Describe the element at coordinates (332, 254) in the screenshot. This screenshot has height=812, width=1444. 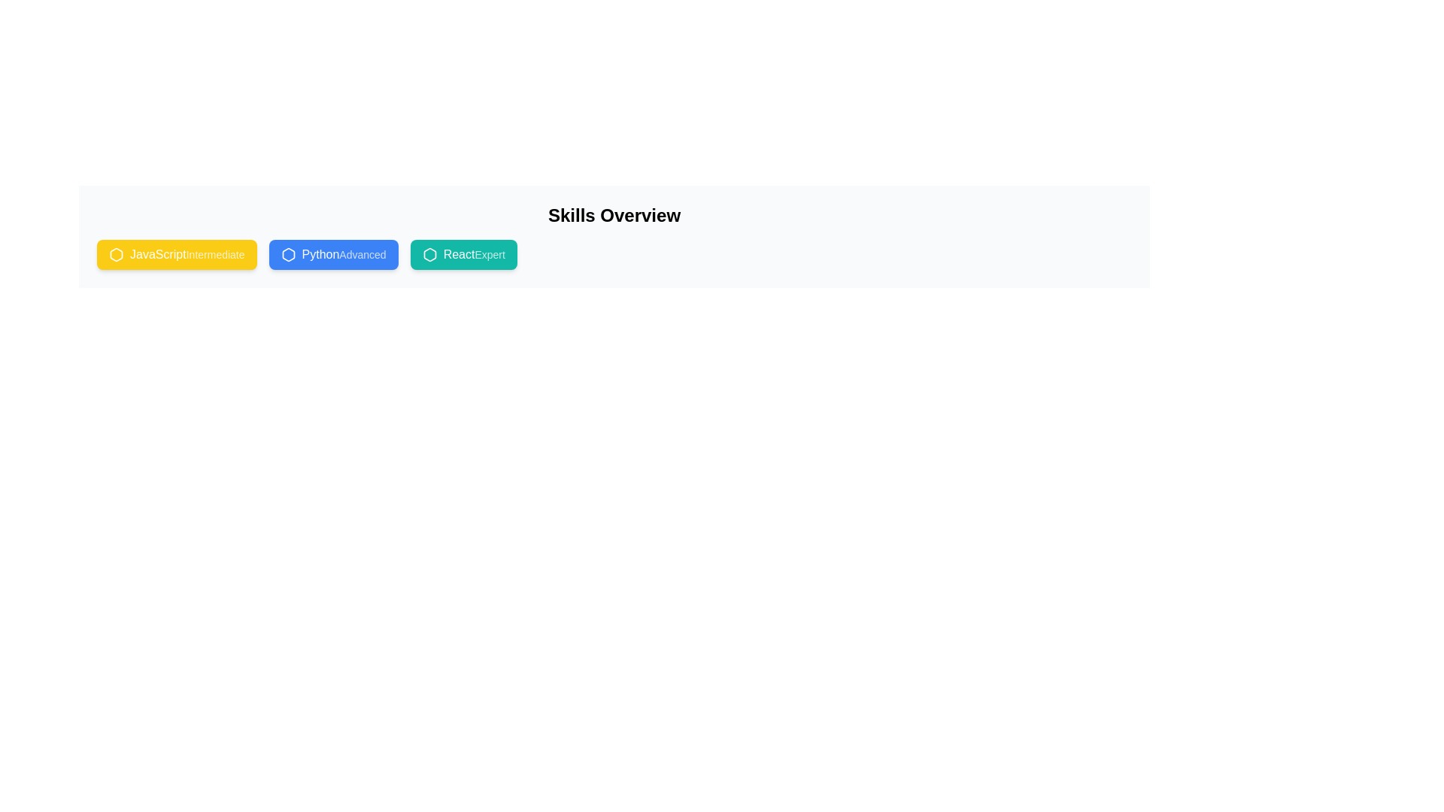
I see `the skill chip corresponding to Python` at that location.